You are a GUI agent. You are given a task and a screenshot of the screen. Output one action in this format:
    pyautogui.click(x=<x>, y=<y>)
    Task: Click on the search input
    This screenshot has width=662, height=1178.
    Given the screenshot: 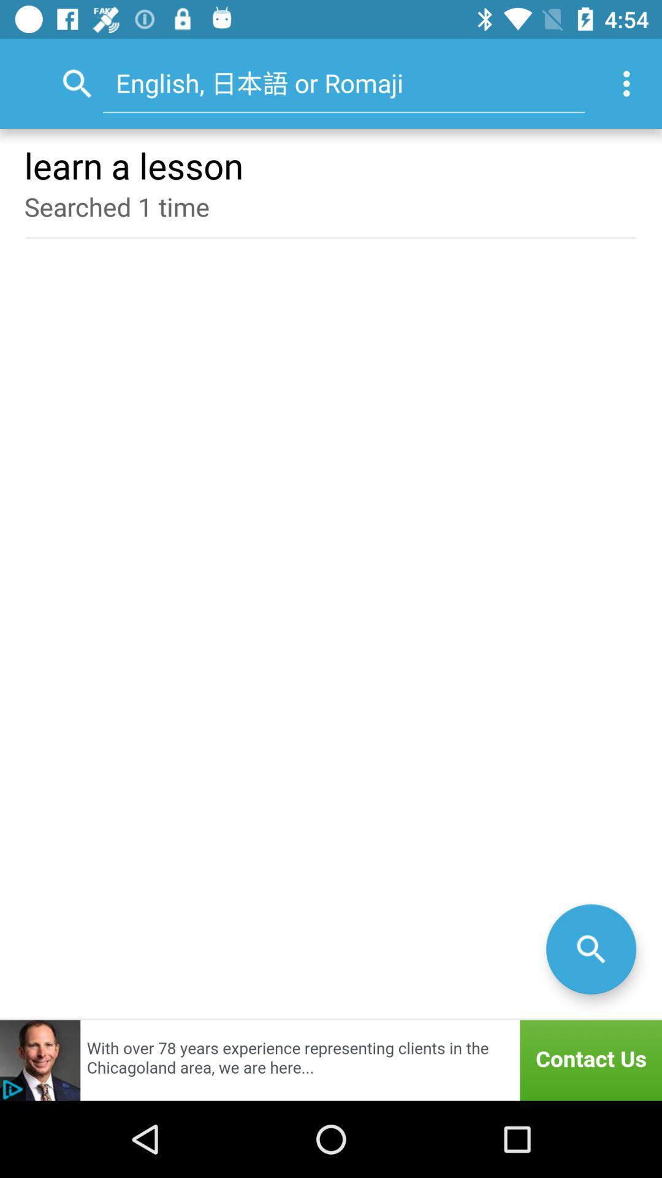 What is the action you would take?
    pyautogui.click(x=590, y=949)
    